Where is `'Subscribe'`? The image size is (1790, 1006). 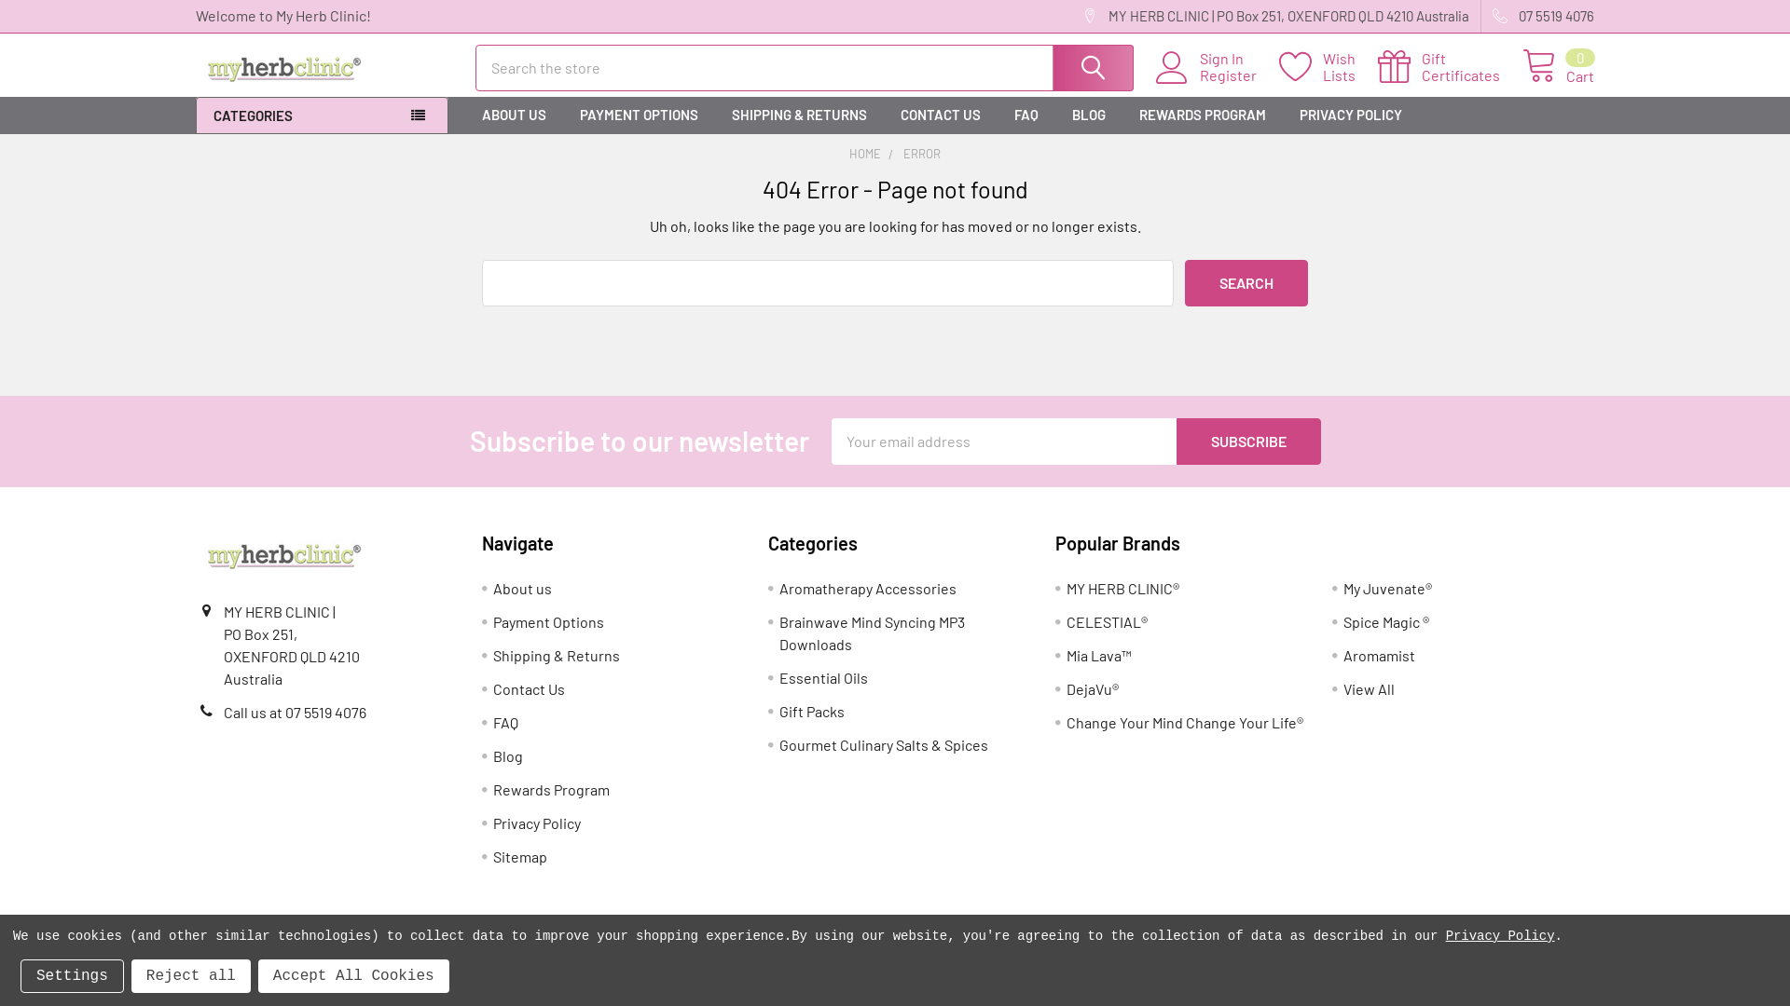
'Subscribe' is located at coordinates (1248, 442).